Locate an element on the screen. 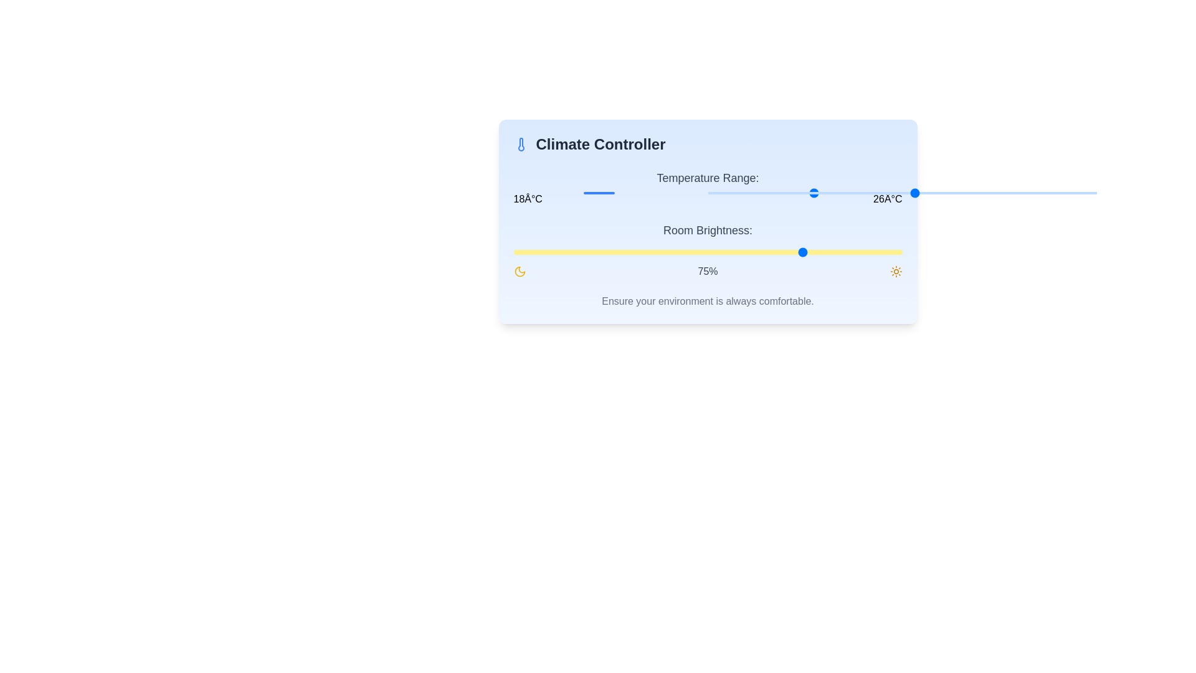 The image size is (1196, 673). the non-interactive vector icon representing the temperature functionality in the 'Climate Controller' section, located to the left of the text 'Climate Controller' is located at coordinates (521, 143).